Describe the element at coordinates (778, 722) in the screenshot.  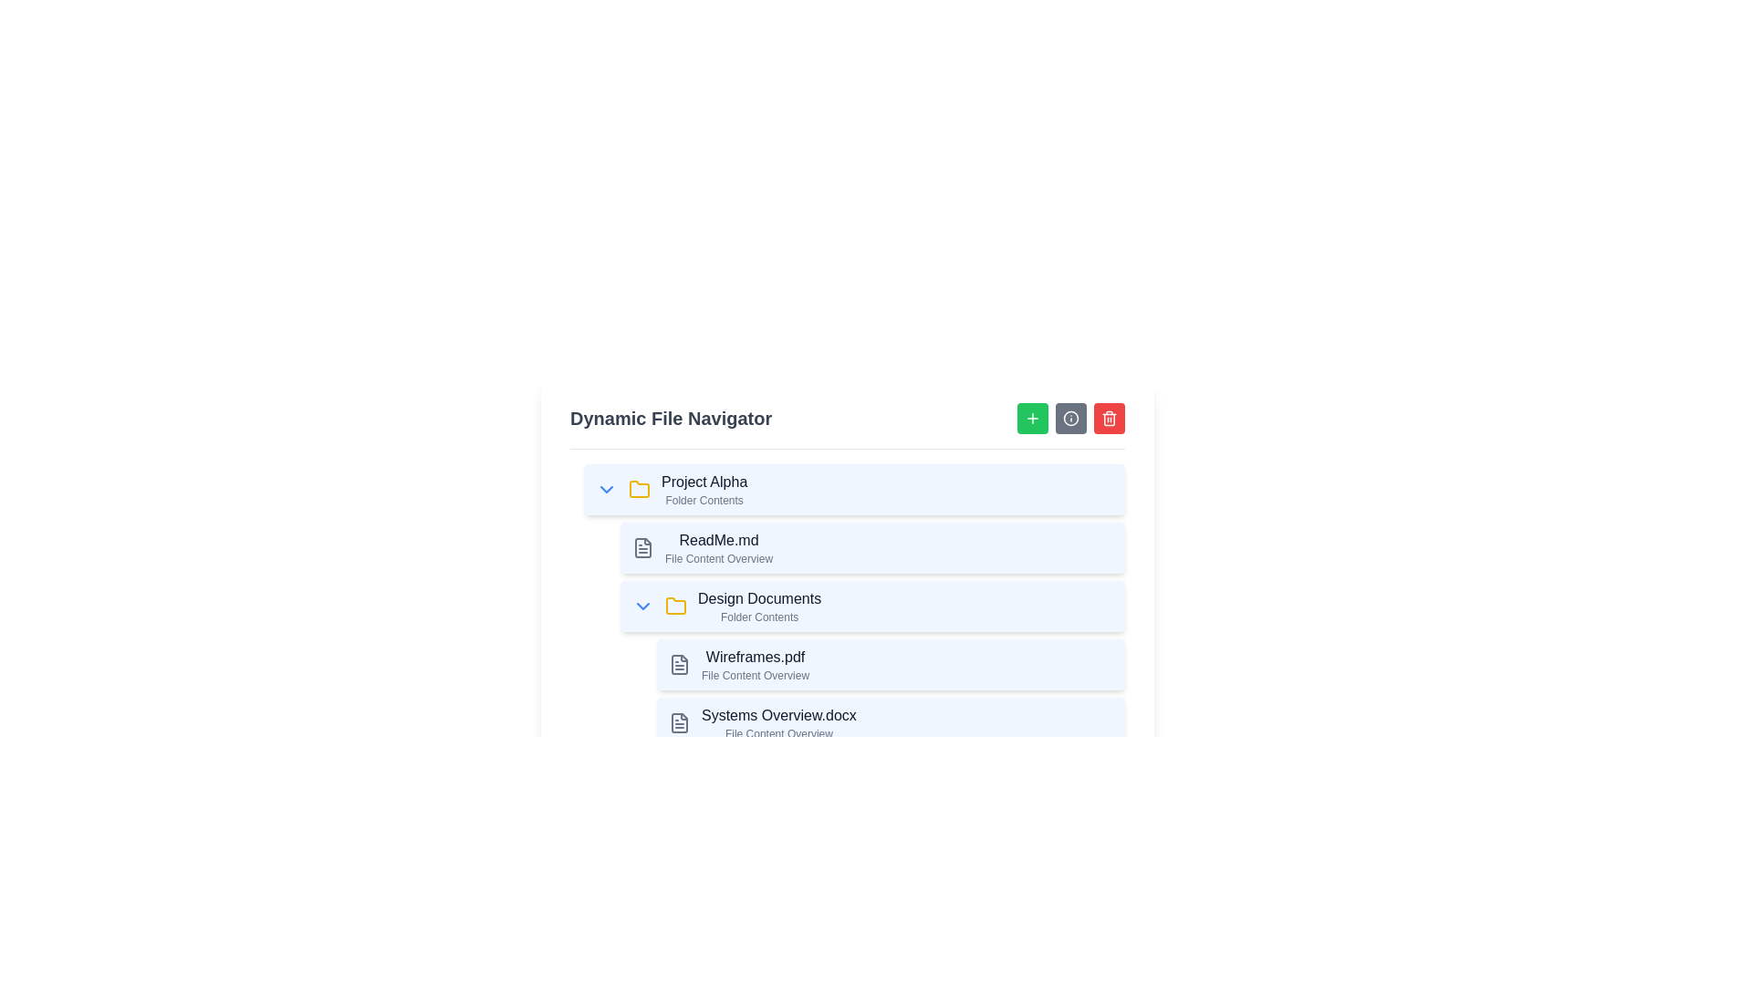
I see `the text label displaying the file name 'Systems Overview.docx', which is located below 'Wireframes.pdf' in the file navigator` at that location.